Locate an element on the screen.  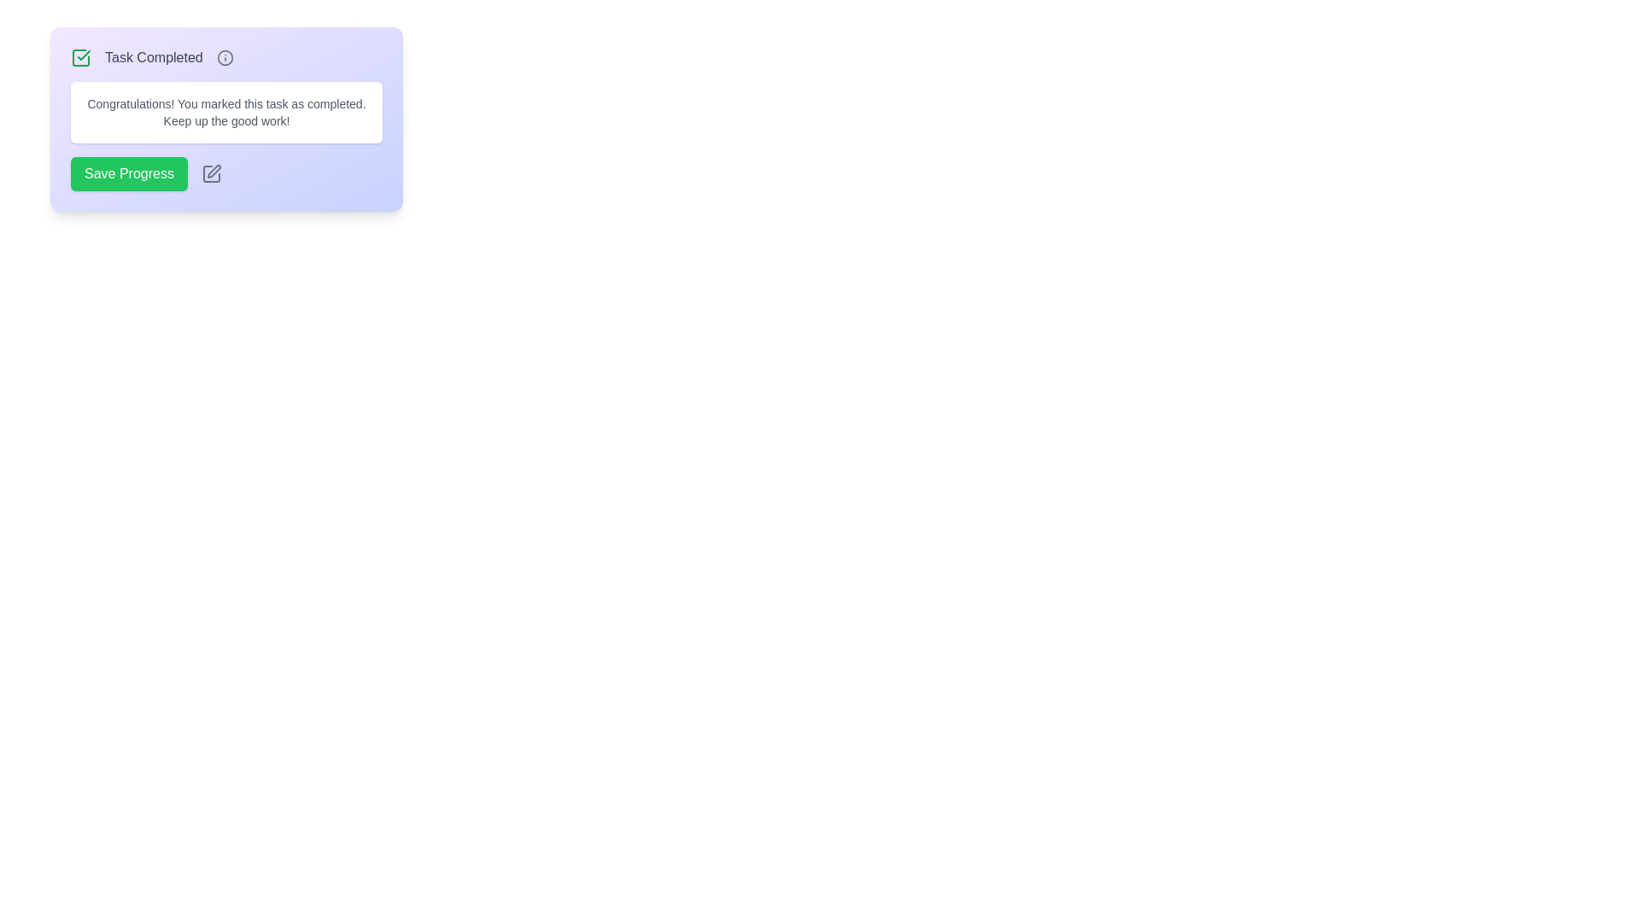
the completion status icon, which features a checkmark design, positioned to the left of the 'Task Completed' text is located at coordinates (80, 57).